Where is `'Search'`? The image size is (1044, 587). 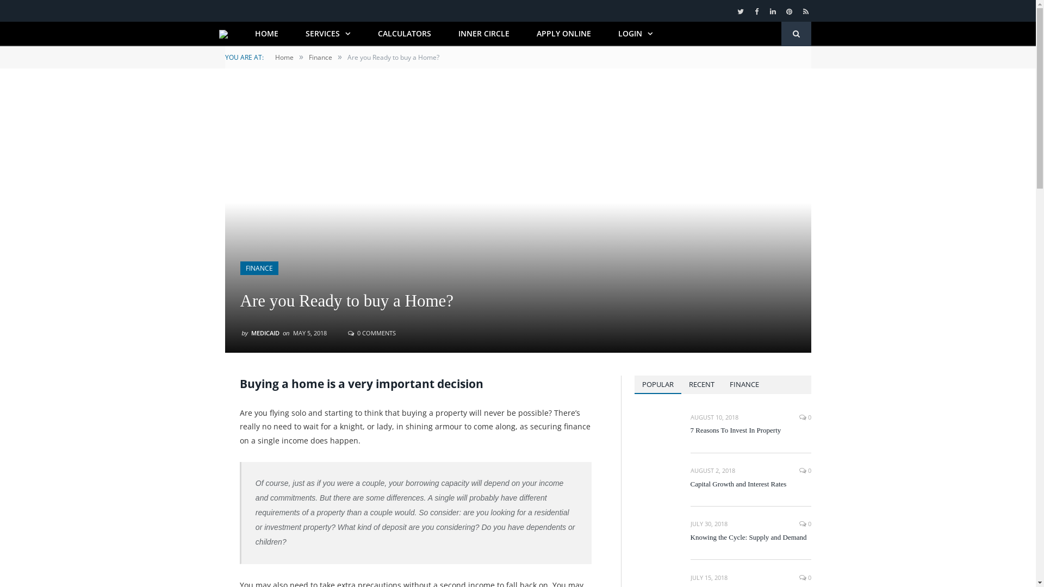 'Search' is located at coordinates (780, 33).